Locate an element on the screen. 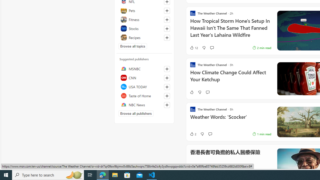 The width and height of the screenshot is (320, 180). 'Browse all publishers' is located at coordinates (136, 113).